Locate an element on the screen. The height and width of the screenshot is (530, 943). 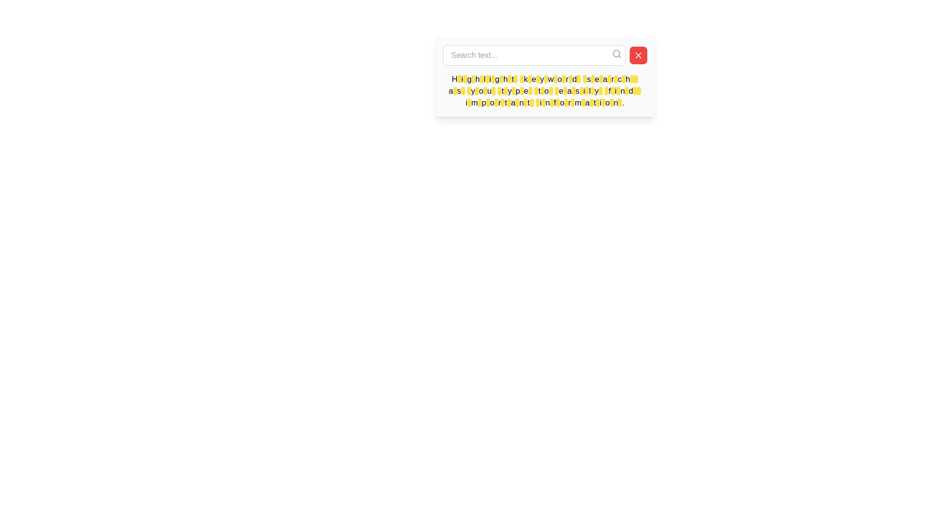
the diagonal cross icon located at the top-right corner of the floating search bar panel is located at coordinates (638, 55).